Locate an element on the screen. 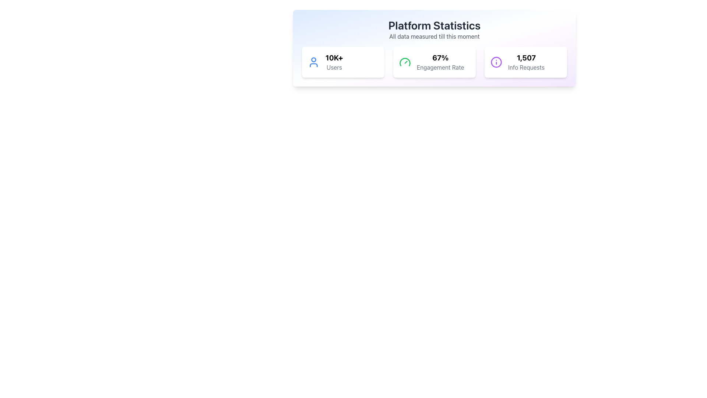 This screenshot has width=707, height=398. information displayed in the 'Info Requests' Text Block located in the third card under the 'Platform Statistics' section is located at coordinates (526, 62).